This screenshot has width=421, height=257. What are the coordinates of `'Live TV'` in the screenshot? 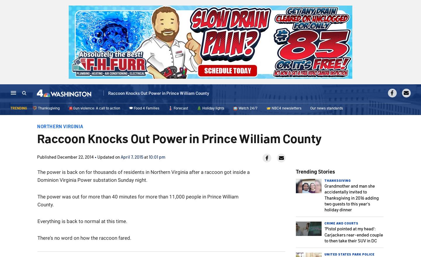 It's located at (399, 94).